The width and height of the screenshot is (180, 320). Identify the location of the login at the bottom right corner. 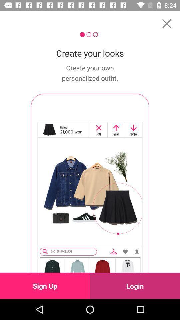
(135, 285).